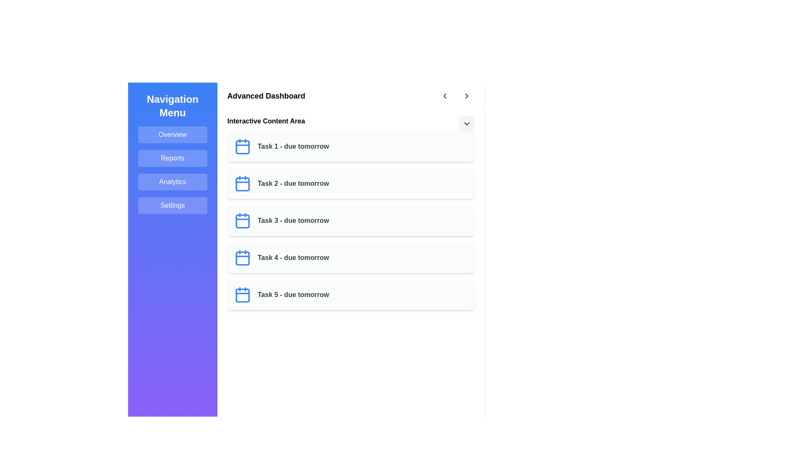  What do you see at coordinates (466, 95) in the screenshot?
I see `the chevron arrow symbol located in the top right section of the main content area next to the header of the 'Advanced Dashboard'` at bounding box center [466, 95].